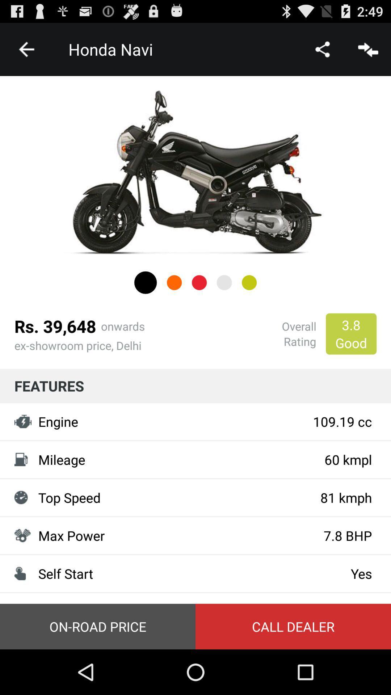 The height and width of the screenshot is (695, 391). Describe the element at coordinates (249, 302) in the screenshot. I see `the star icon` at that location.